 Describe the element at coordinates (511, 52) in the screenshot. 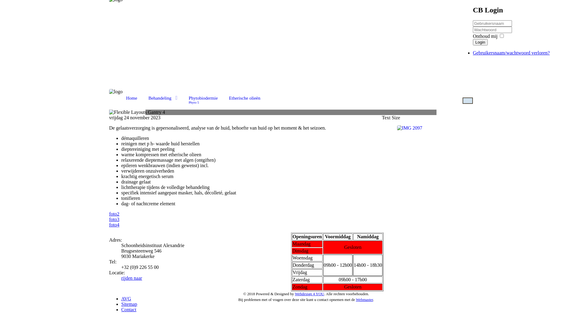

I see `'Gebruikersnaam/wachtwoord verloren?'` at that location.